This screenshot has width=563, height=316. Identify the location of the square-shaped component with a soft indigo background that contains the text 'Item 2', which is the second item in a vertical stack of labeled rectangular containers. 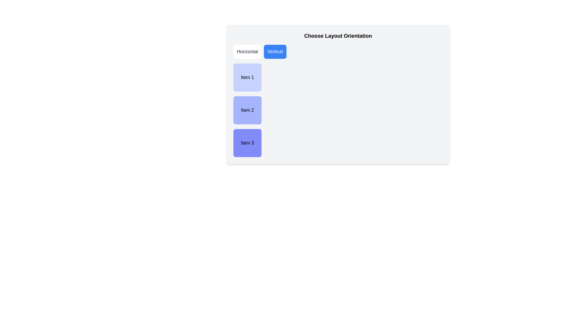
(247, 110).